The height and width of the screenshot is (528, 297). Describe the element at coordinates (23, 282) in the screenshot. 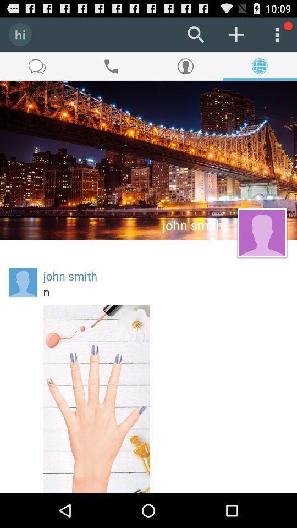

I see `item to the left of john smith app` at that location.